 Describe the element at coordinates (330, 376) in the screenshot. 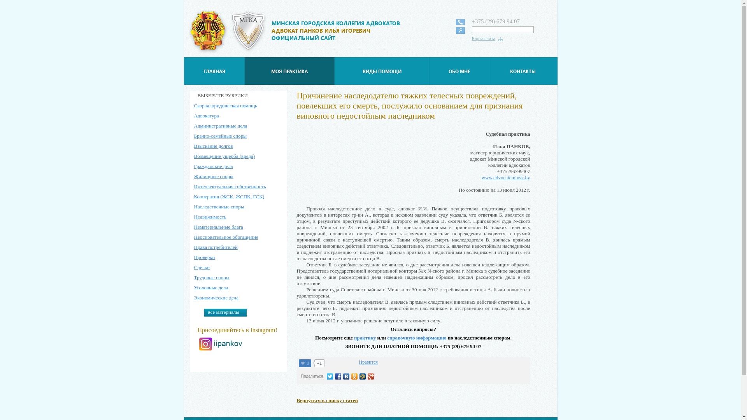

I see `'Twitter'` at that location.